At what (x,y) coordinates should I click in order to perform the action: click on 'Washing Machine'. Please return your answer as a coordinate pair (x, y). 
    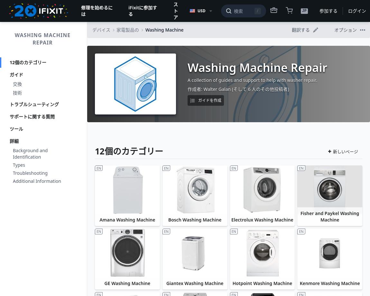
    Looking at the image, I should click on (164, 29).